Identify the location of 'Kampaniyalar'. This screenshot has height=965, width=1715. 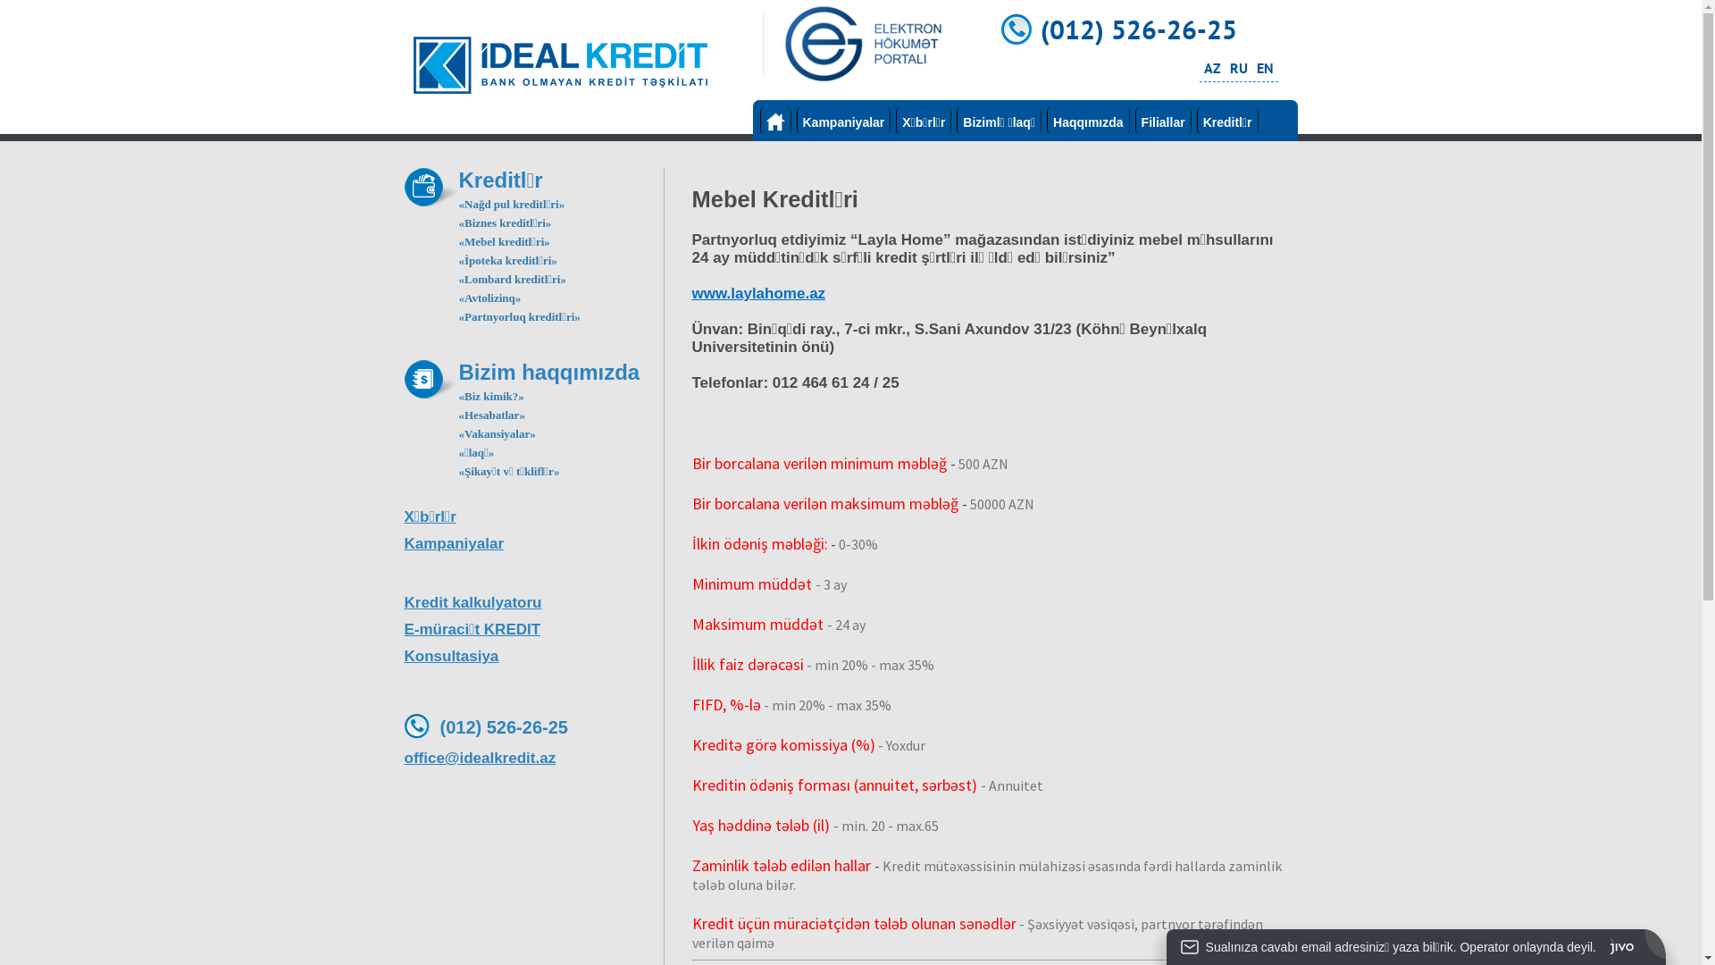
(843, 121).